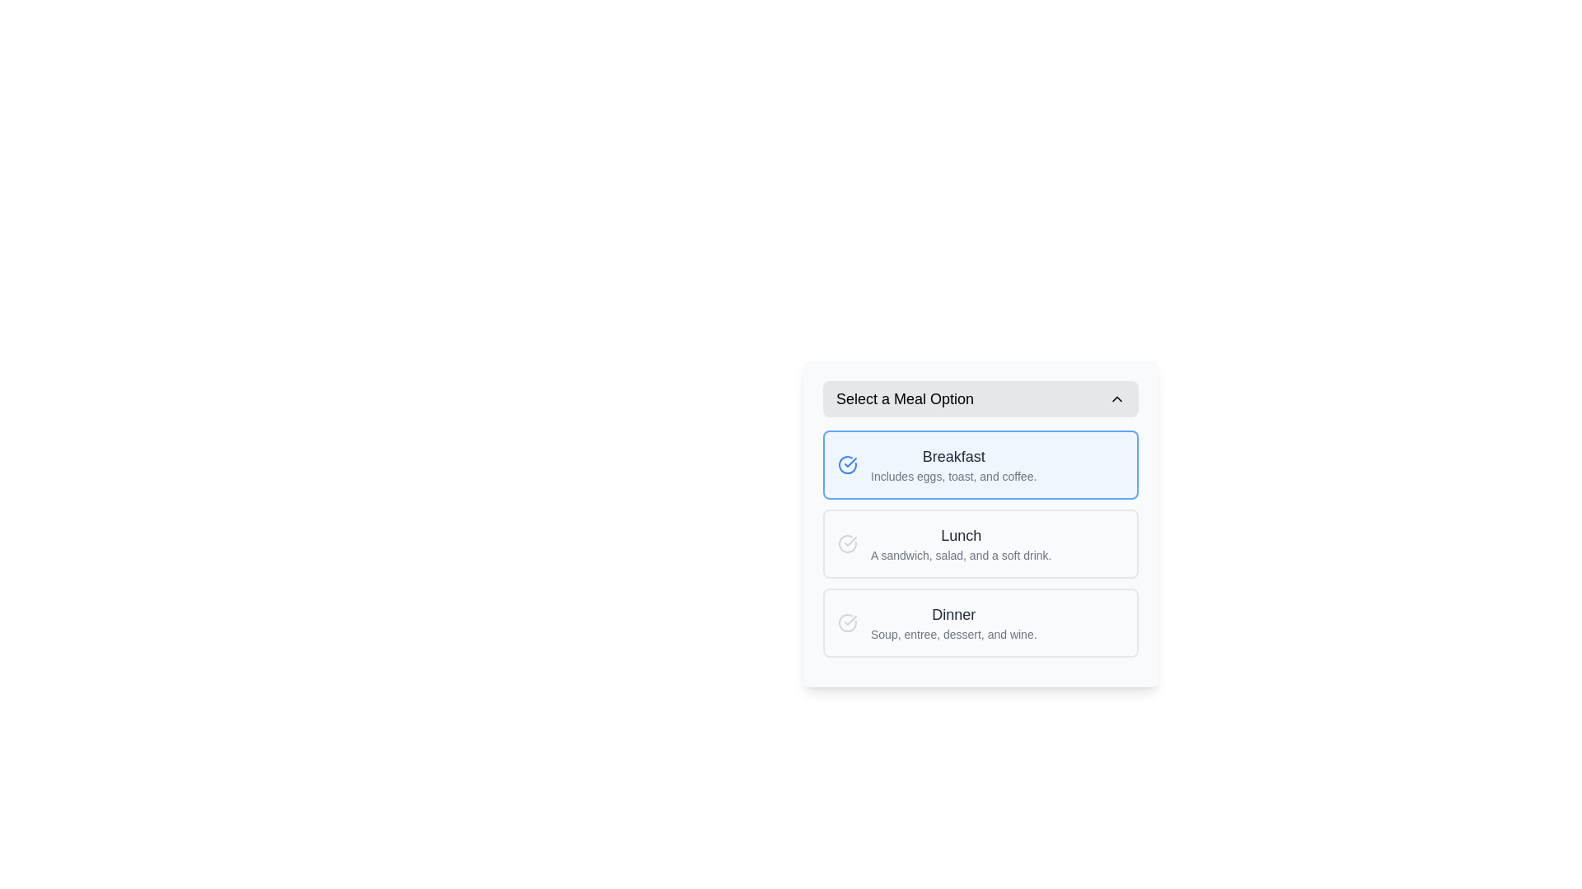 Image resolution: width=1582 pixels, height=889 pixels. I want to click on the detailed description text label for the 'Breakfast' meal option, which is located below the 'Breakfast' text within the outlined box highlighting the selected meal option, so click(953, 476).